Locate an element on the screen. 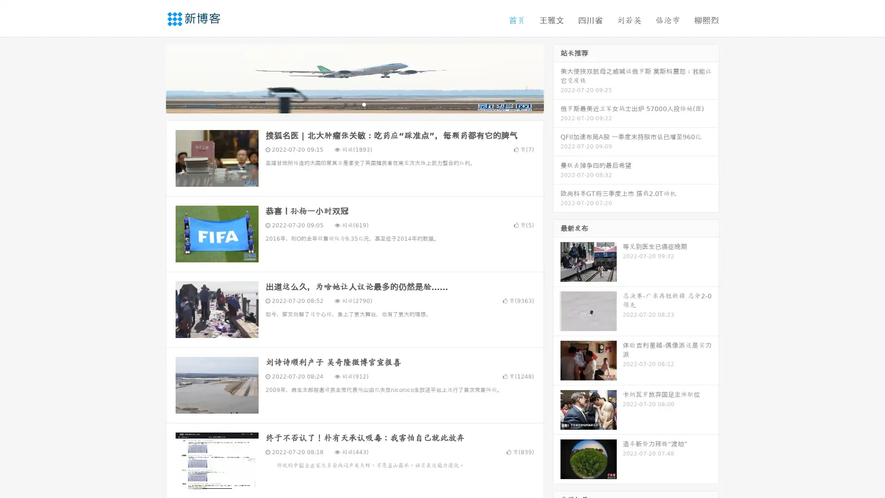 The height and width of the screenshot is (498, 885). Next slide is located at coordinates (557, 77).